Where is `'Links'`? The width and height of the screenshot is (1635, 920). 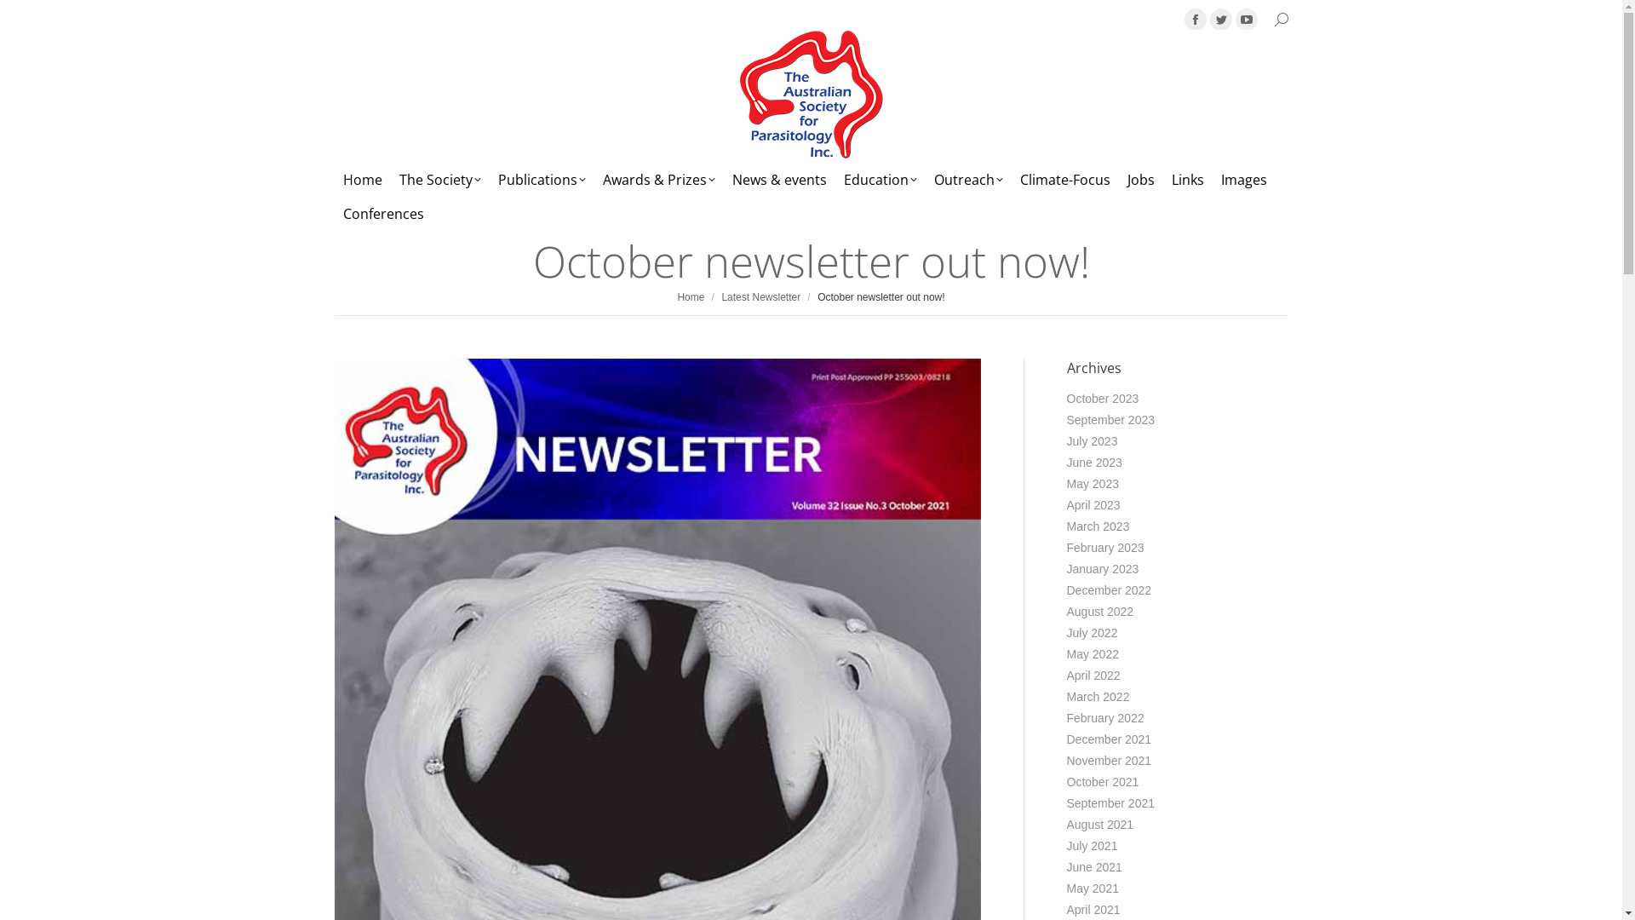
'Links' is located at coordinates (1187, 180).